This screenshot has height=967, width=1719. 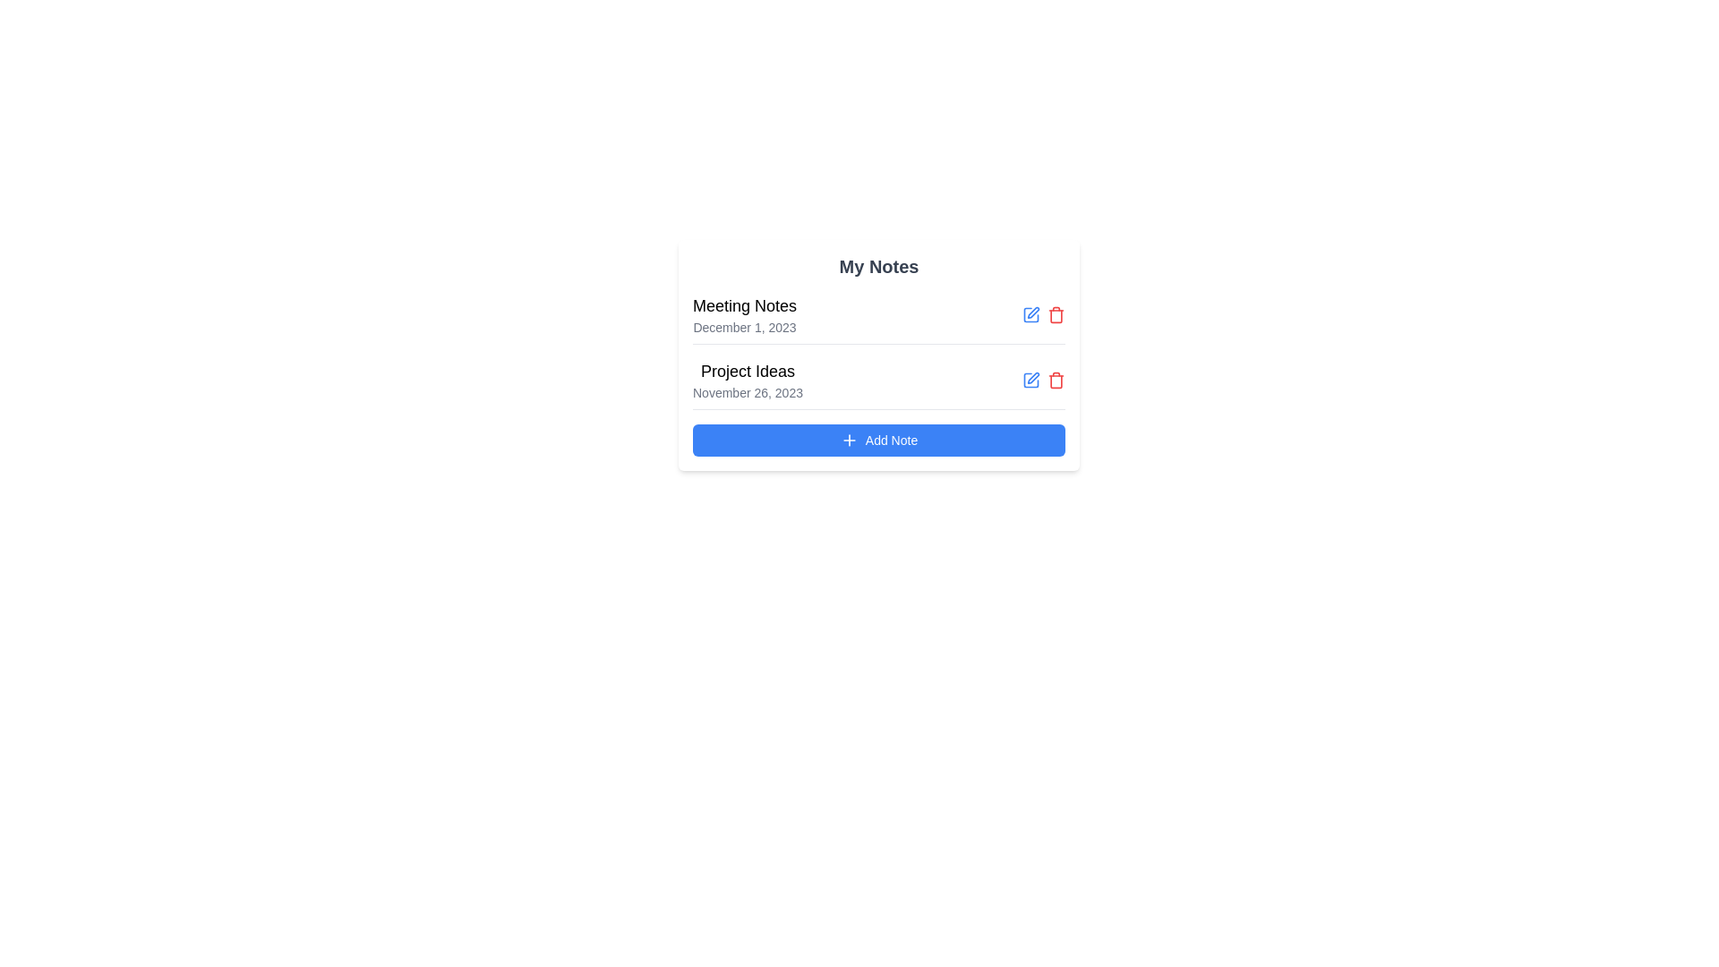 I want to click on the first note entry under 'My Notes', which is a read-only text display showing the title and date of the note, so click(x=744, y=313).